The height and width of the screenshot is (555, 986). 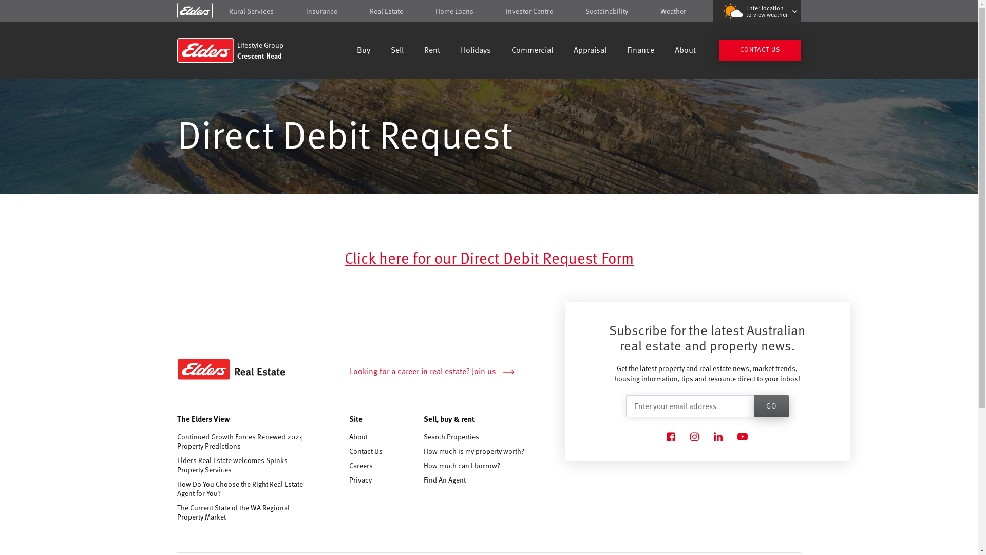 What do you see at coordinates (488, 12) in the screenshot?
I see `'Skip to content'` at bounding box center [488, 12].